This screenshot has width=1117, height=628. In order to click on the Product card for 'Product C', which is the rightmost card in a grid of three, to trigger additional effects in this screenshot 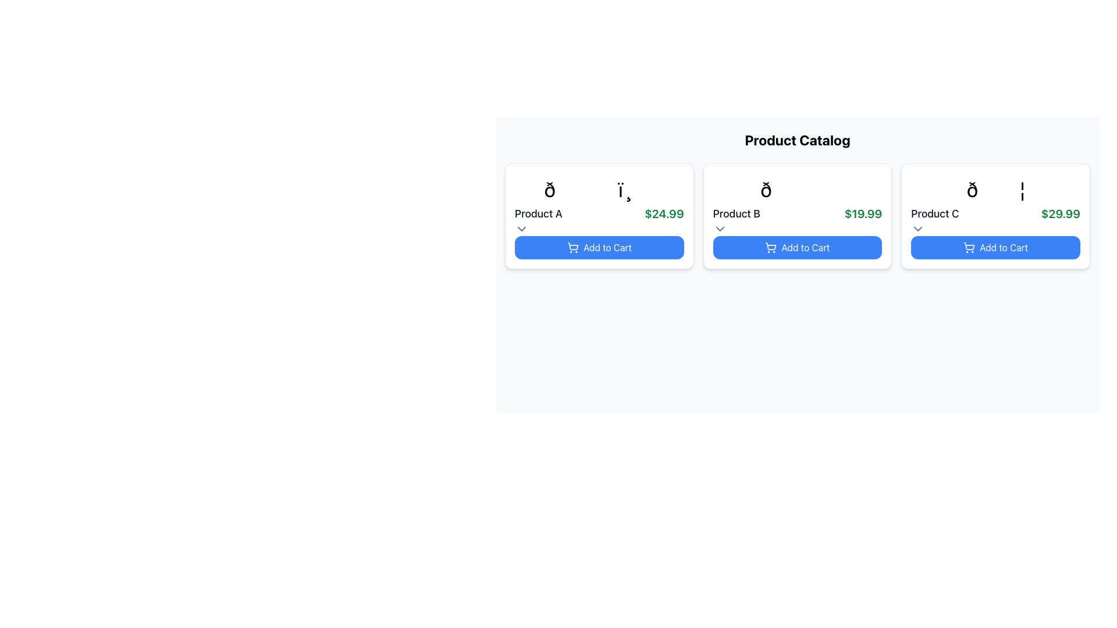, I will do `click(995, 216)`.